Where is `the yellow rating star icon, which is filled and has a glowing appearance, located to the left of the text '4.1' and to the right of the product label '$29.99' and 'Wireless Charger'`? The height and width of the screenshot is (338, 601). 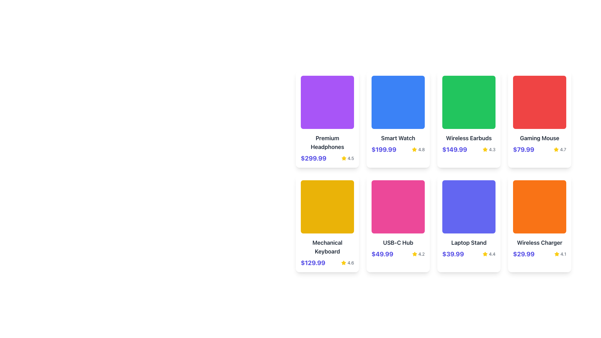
the yellow rating star icon, which is filled and has a glowing appearance, located to the left of the text '4.1' and to the right of the product label '$29.99' and 'Wireless Charger' is located at coordinates (557, 254).